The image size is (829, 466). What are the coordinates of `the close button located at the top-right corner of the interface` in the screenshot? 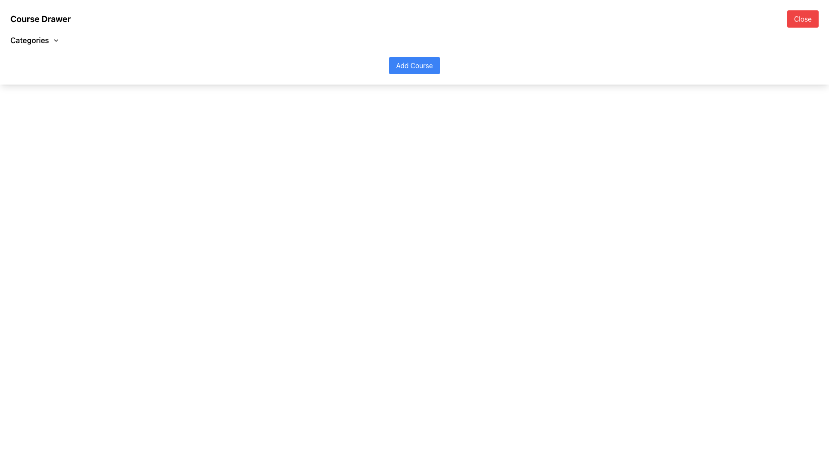 It's located at (802, 19).